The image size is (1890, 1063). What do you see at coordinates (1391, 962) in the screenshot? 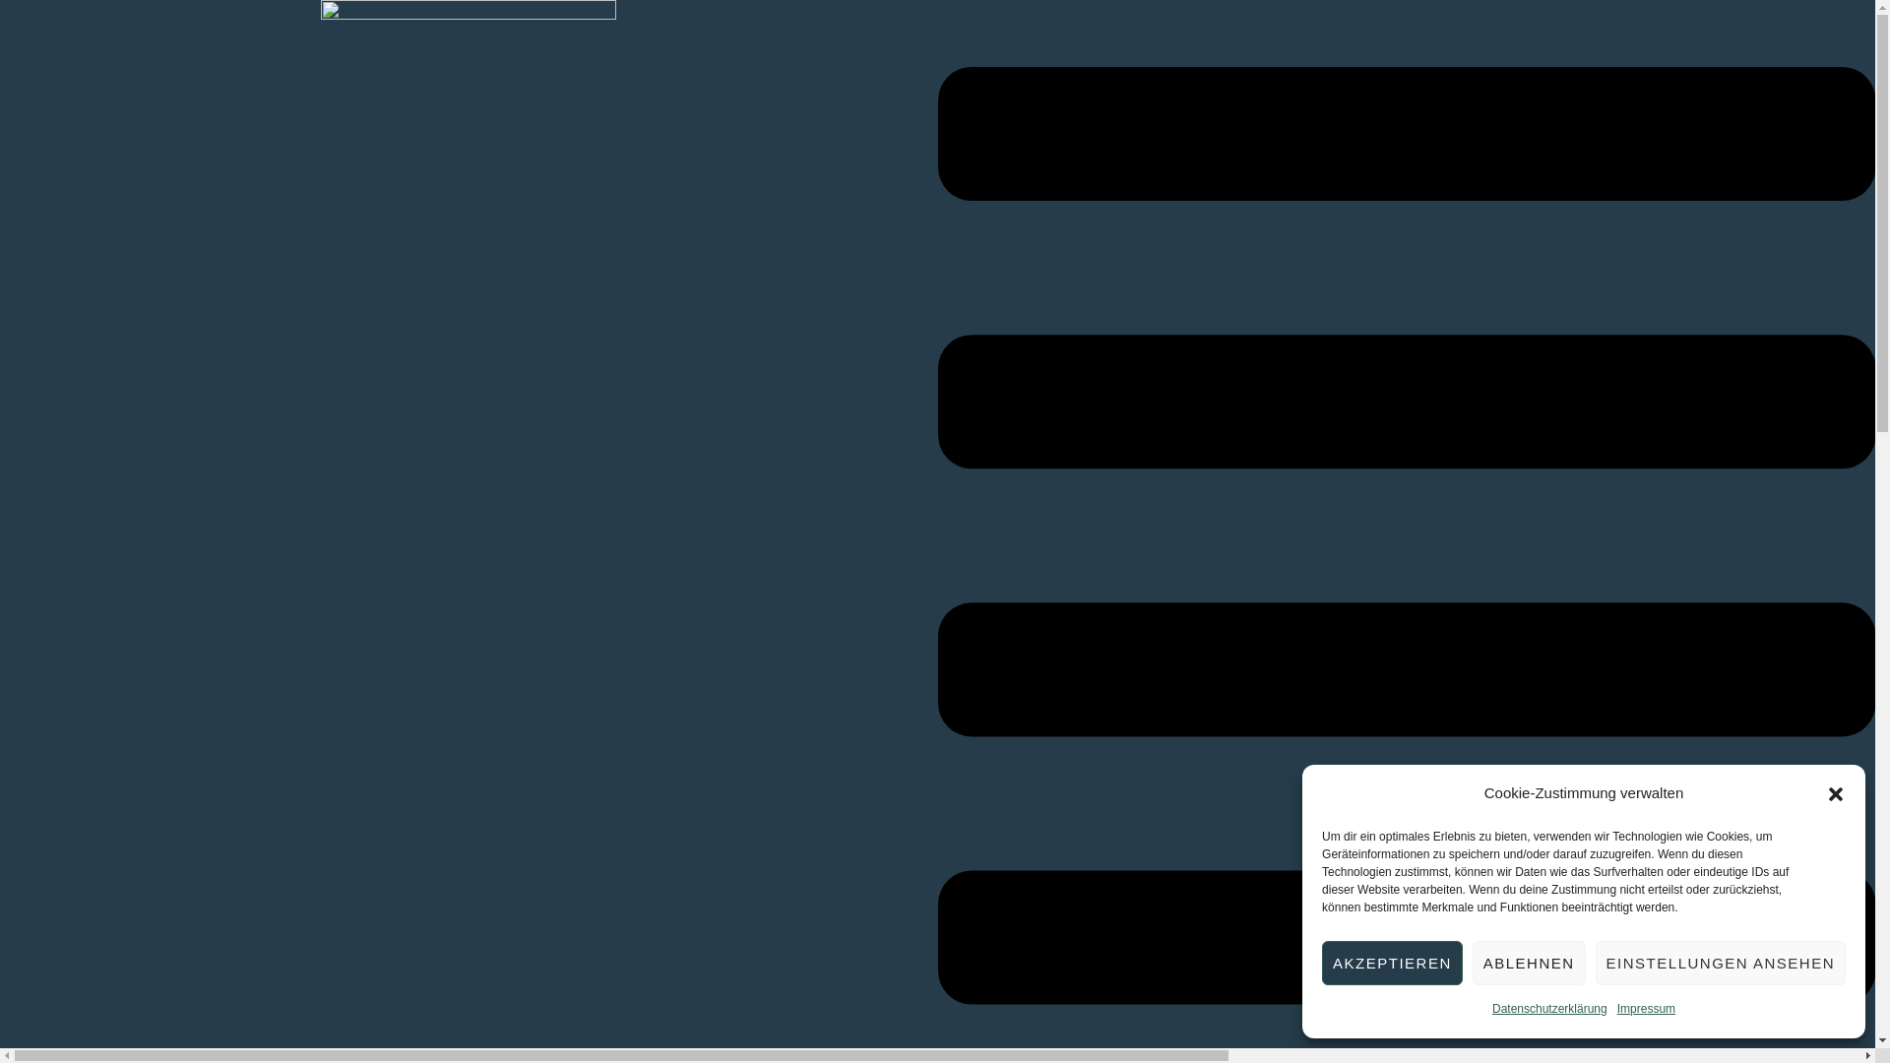
I see `'AKZEPTIEREN'` at bounding box center [1391, 962].